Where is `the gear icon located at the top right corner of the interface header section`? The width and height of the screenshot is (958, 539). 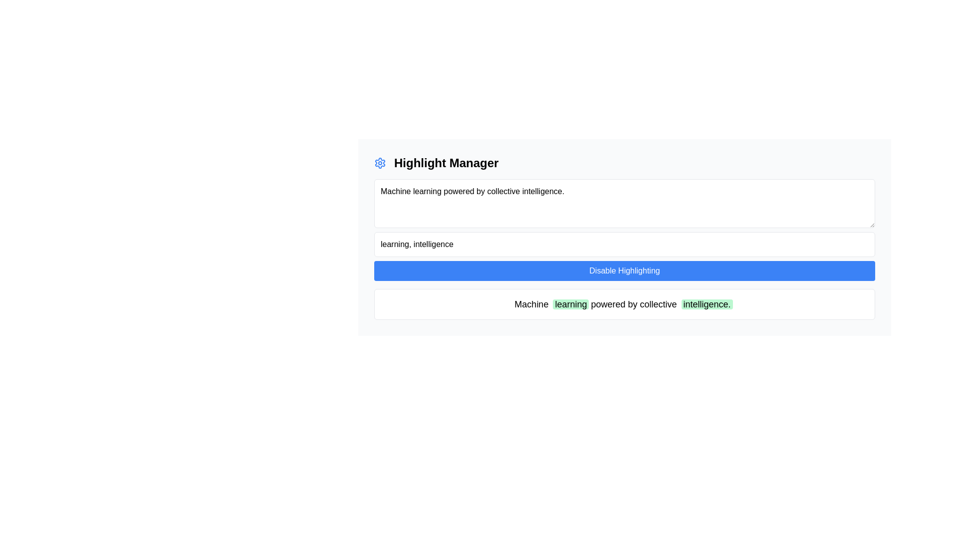 the gear icon located at the top right corner of the interface header section is located at coordinates (380, 163).